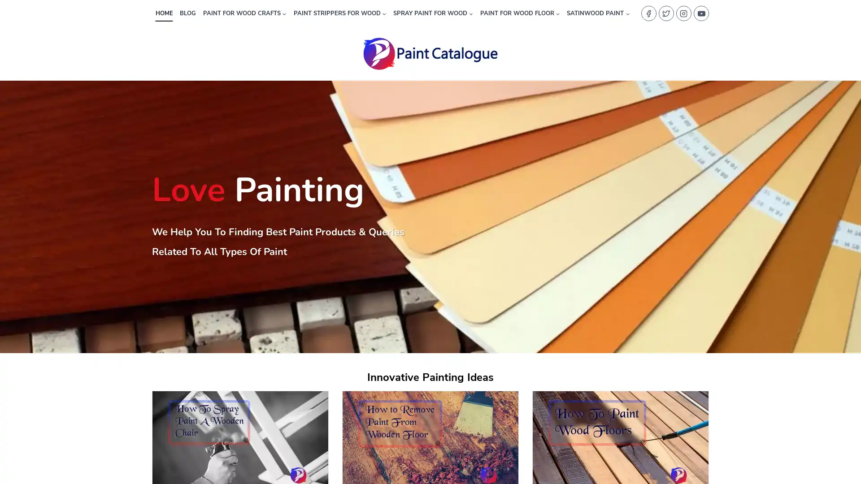  What do you see at coordinates (842, 456) in the screenshot?
I see `Scroll to top` at bounding box center [842, 456].